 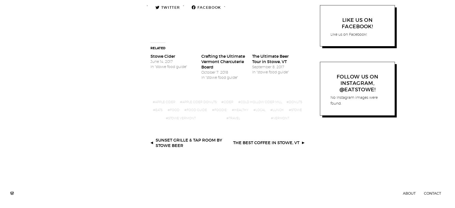 I want to click on 'cold hollow cider mill', so click(x=240, y=102).